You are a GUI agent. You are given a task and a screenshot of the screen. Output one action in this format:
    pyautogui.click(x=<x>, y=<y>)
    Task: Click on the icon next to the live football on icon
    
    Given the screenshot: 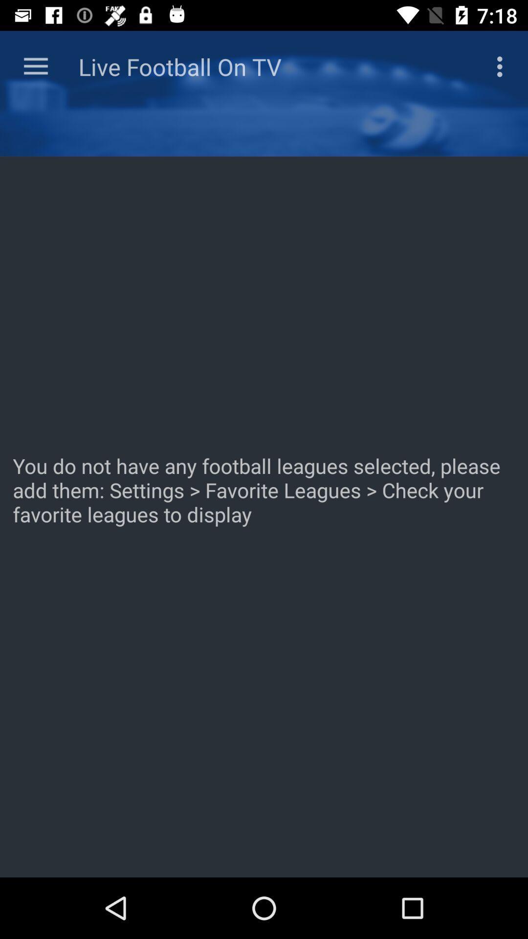 What is the action you would take?
    pyautogui.click(x=502, y=66)
    